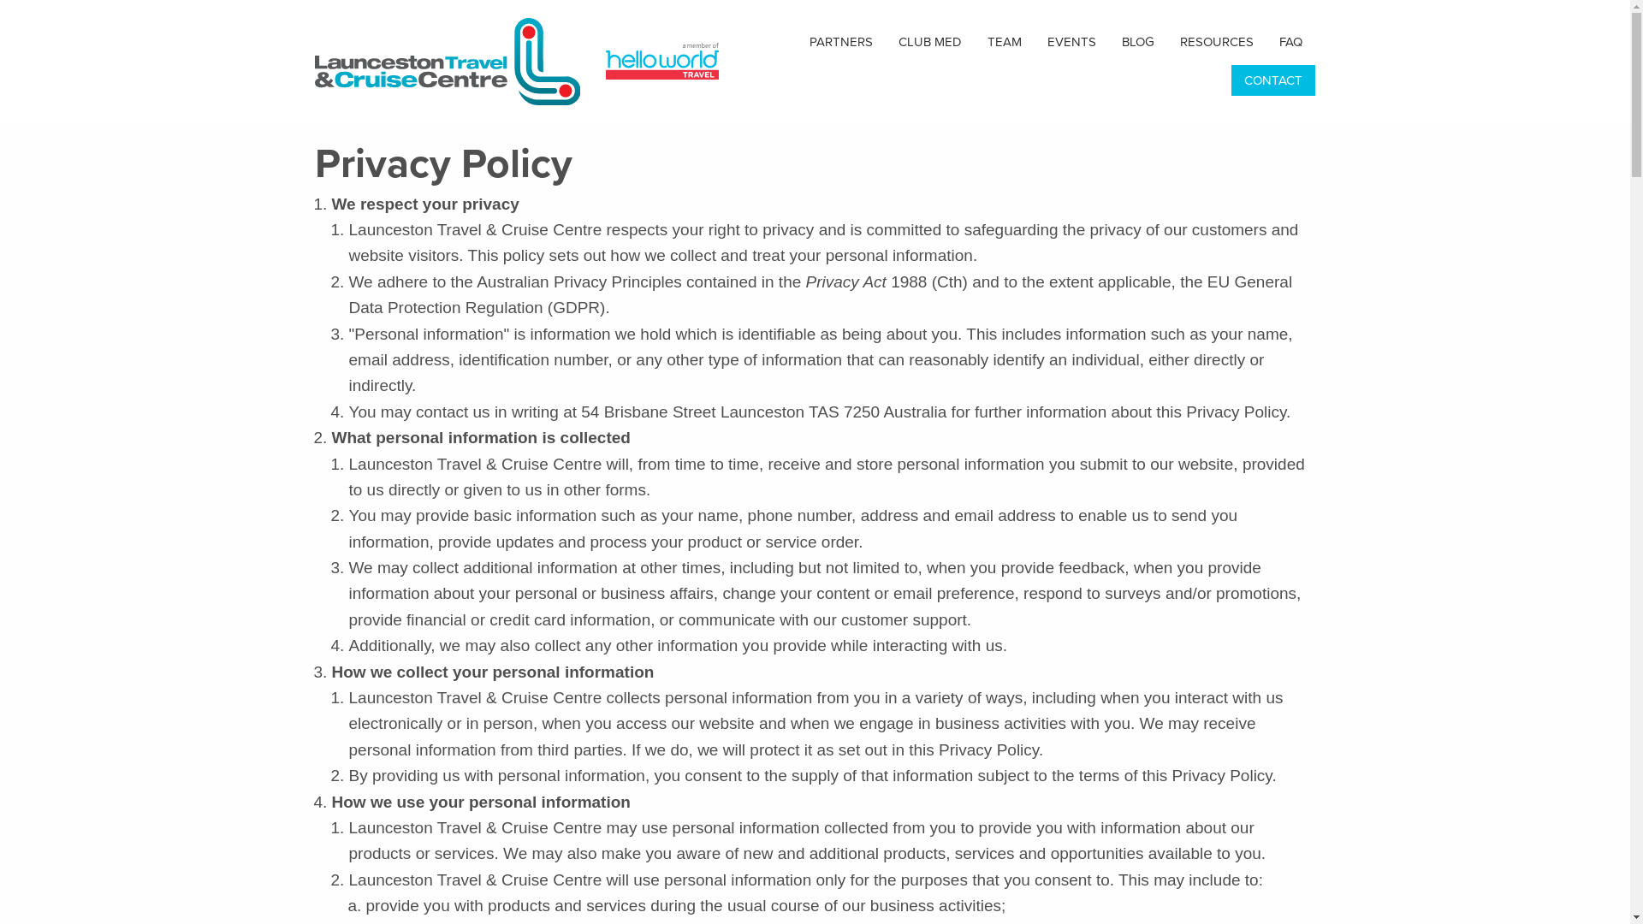  What do you see at coordinates (928, 41) in the screenshot?
I see `'CLUB MED'` at bounding box center [928, 41].